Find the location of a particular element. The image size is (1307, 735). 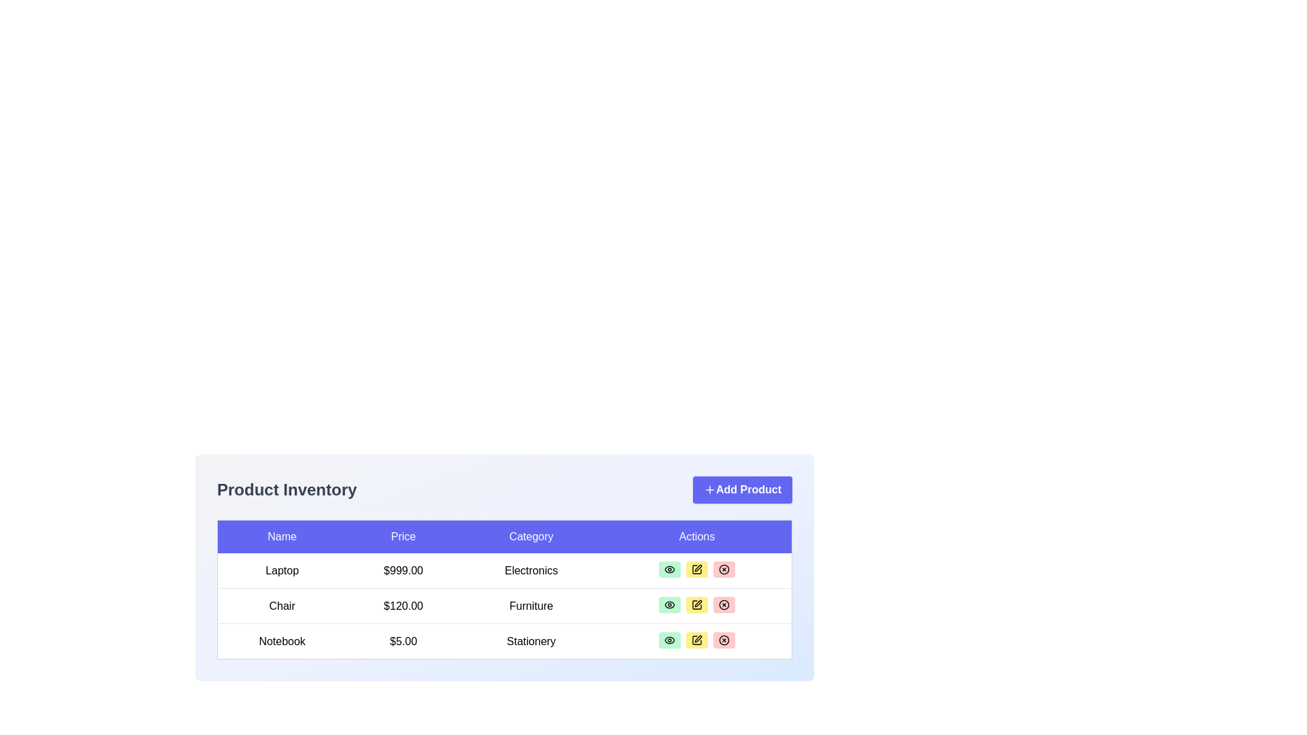

the green rounded rectangle button with an eye-shaped icon in the rightmost 'Actions' column of the third row, corresponding to the 'Stationery' category is located at coordinates (669, 640).